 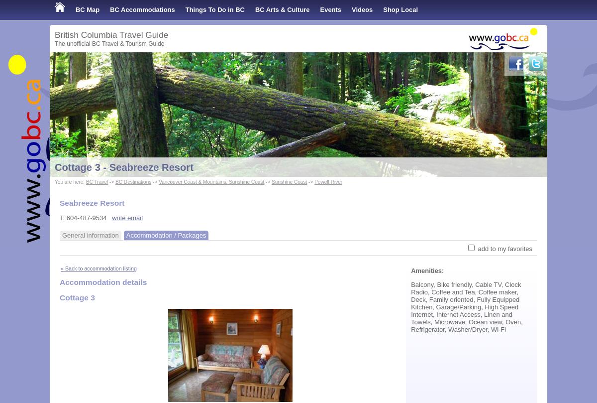 I want to click on 'Seabreeze Resort', so click(x=92, y=202).